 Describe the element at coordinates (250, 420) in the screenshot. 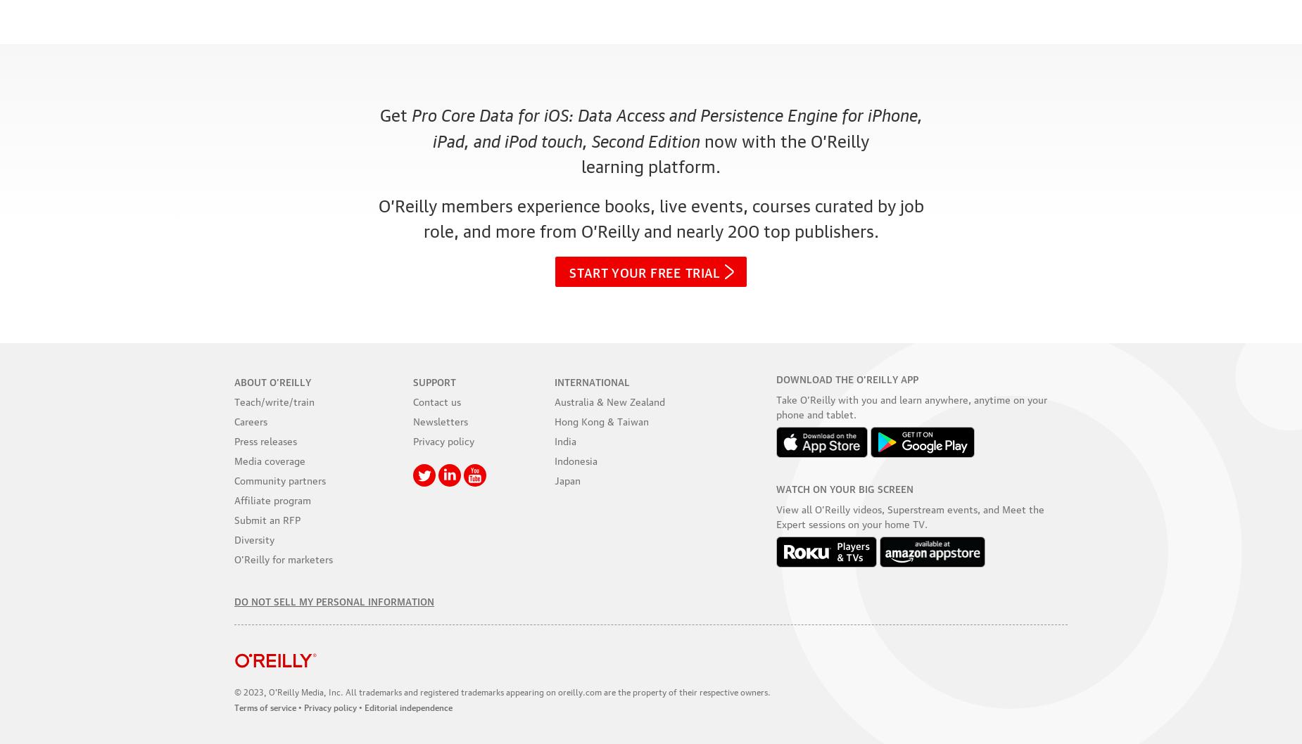

I see `'Careers'` at that location.